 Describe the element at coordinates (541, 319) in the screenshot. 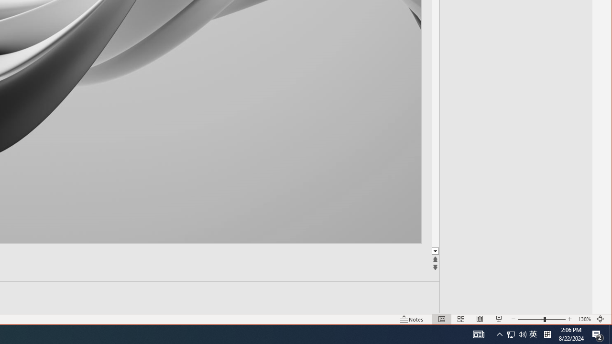

I see `'Zoom'` at that location.